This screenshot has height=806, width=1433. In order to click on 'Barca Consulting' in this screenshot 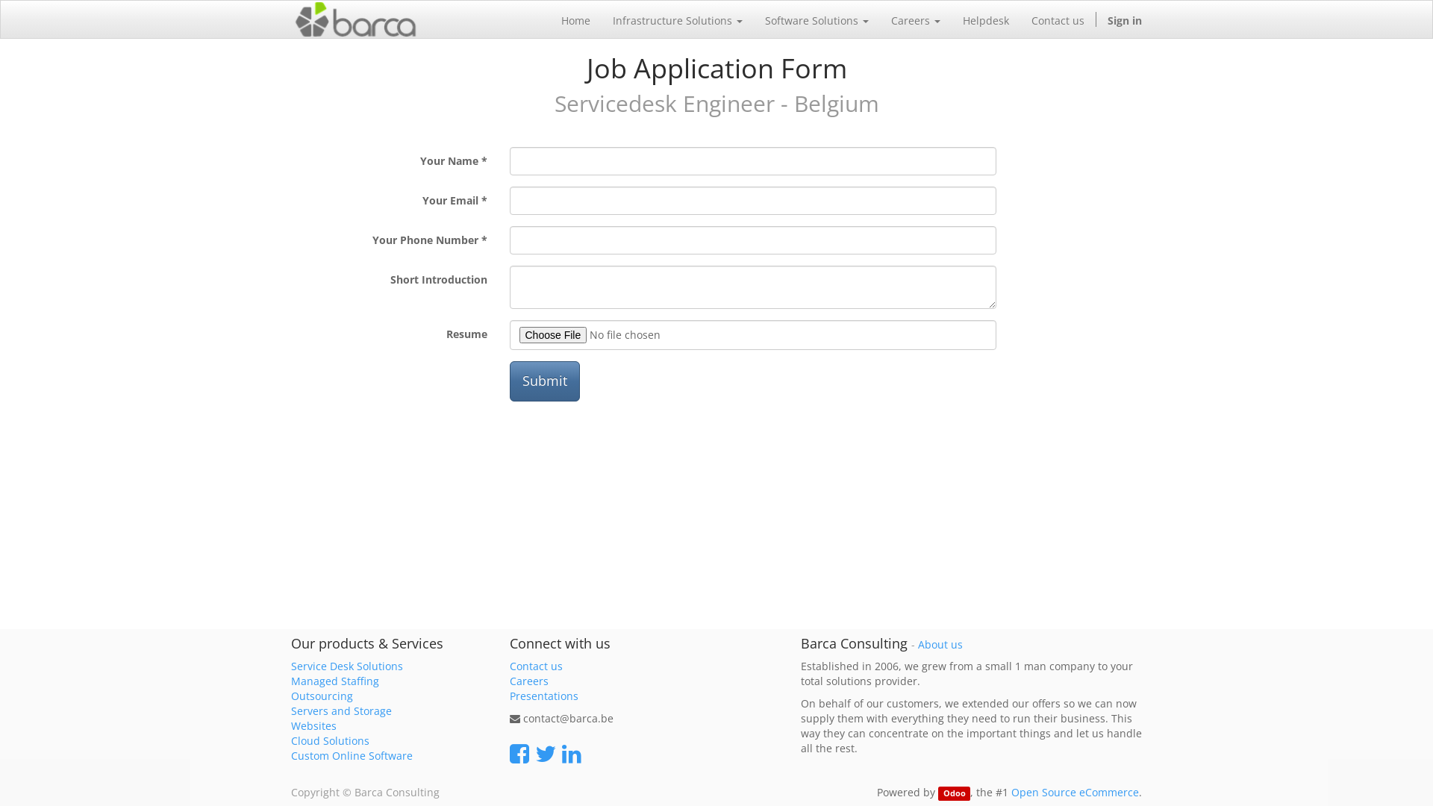, I will do `click(355, 19)`.